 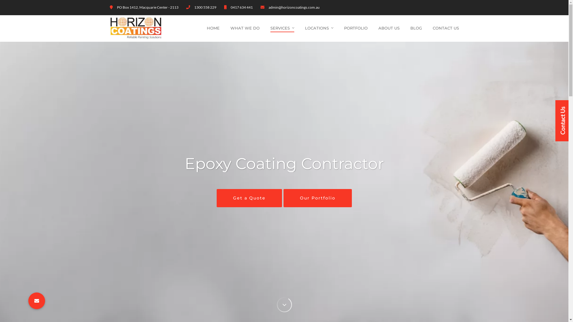 What do you see at coordinates (389, 28) in the screenshot?
I see `'ABOUT US'` at bounding box center [389, 28].